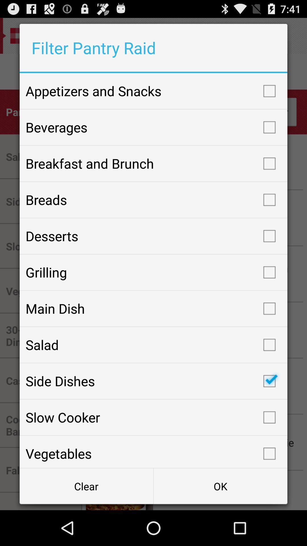 This screenshot has width=307, height=546. Describe the element at coordinates (153, 381) in the screenshot. I see `the icon above slow cooker checkbox` at that location.